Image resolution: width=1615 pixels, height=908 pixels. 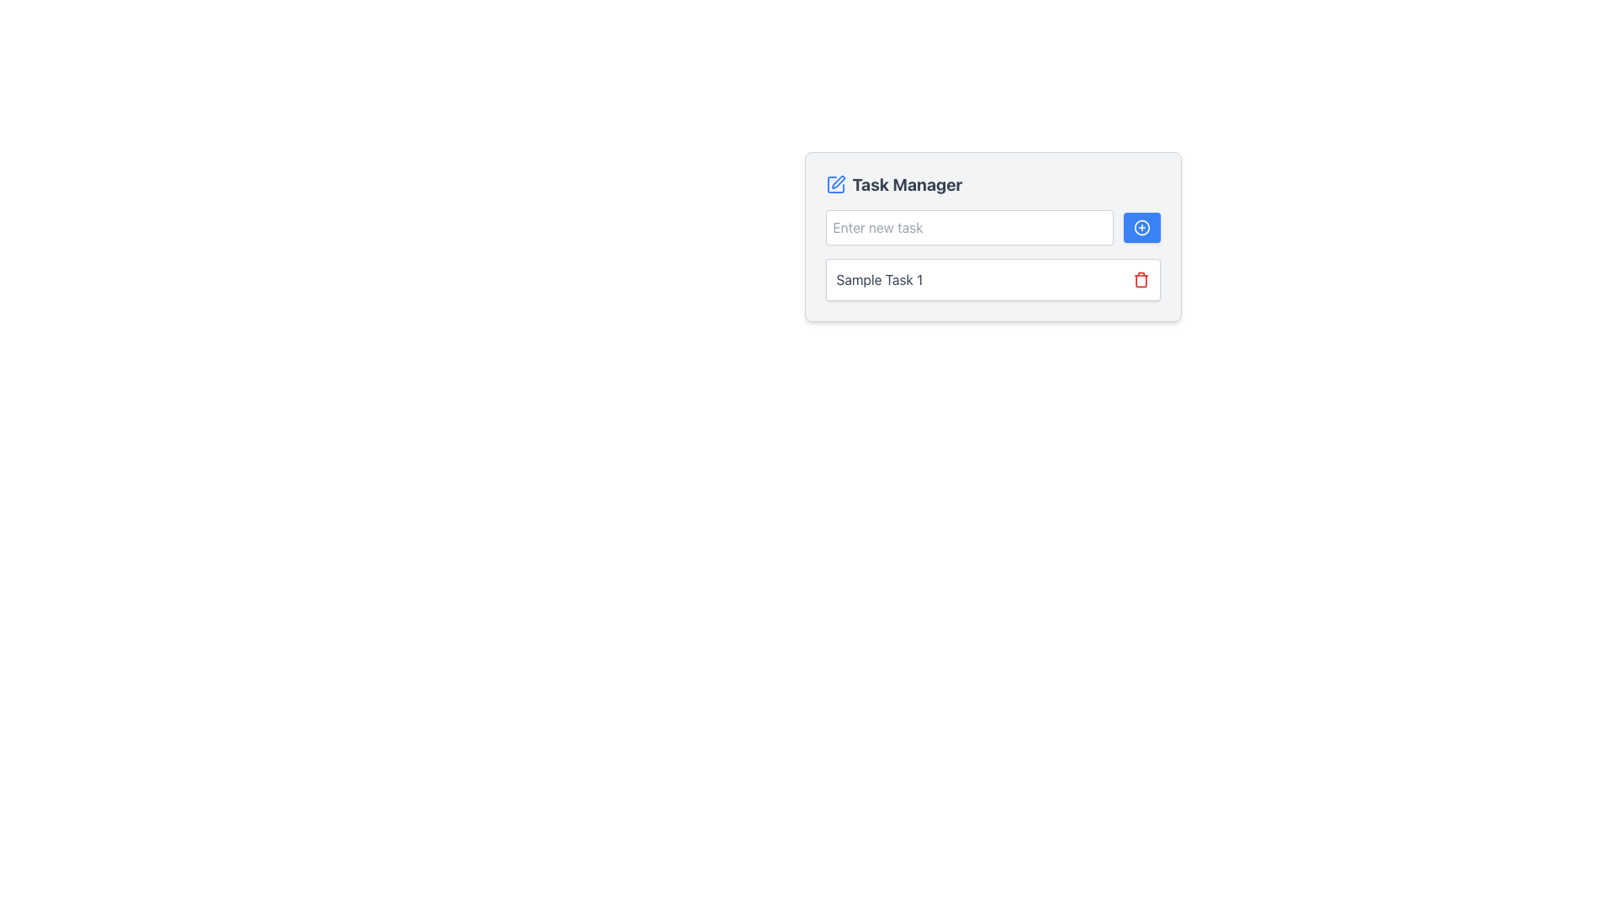 I want to click on the pen icon within the square icon in the 'Task Manager' section, which serves as an edit functionality indicator, so click(x=838, y=182).